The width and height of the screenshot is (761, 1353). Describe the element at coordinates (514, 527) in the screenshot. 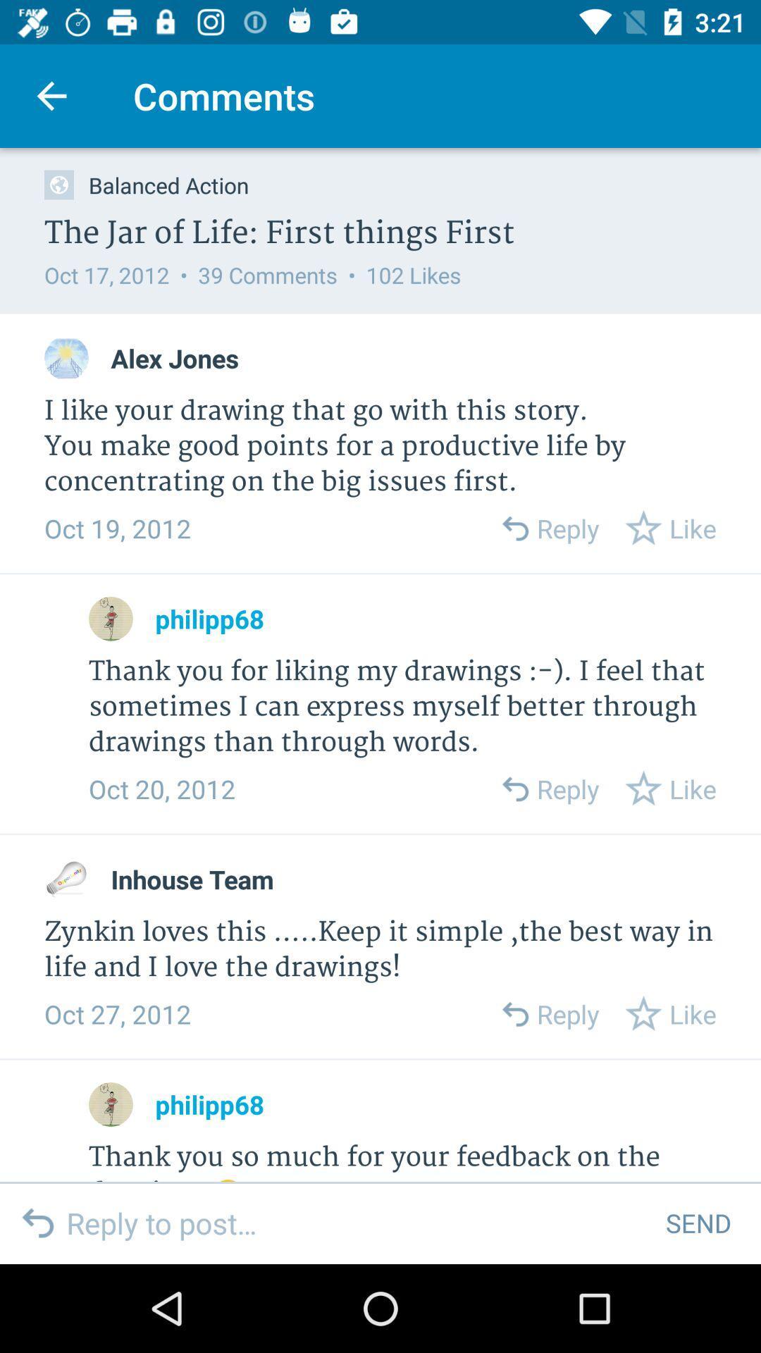

I see `back` at that location.